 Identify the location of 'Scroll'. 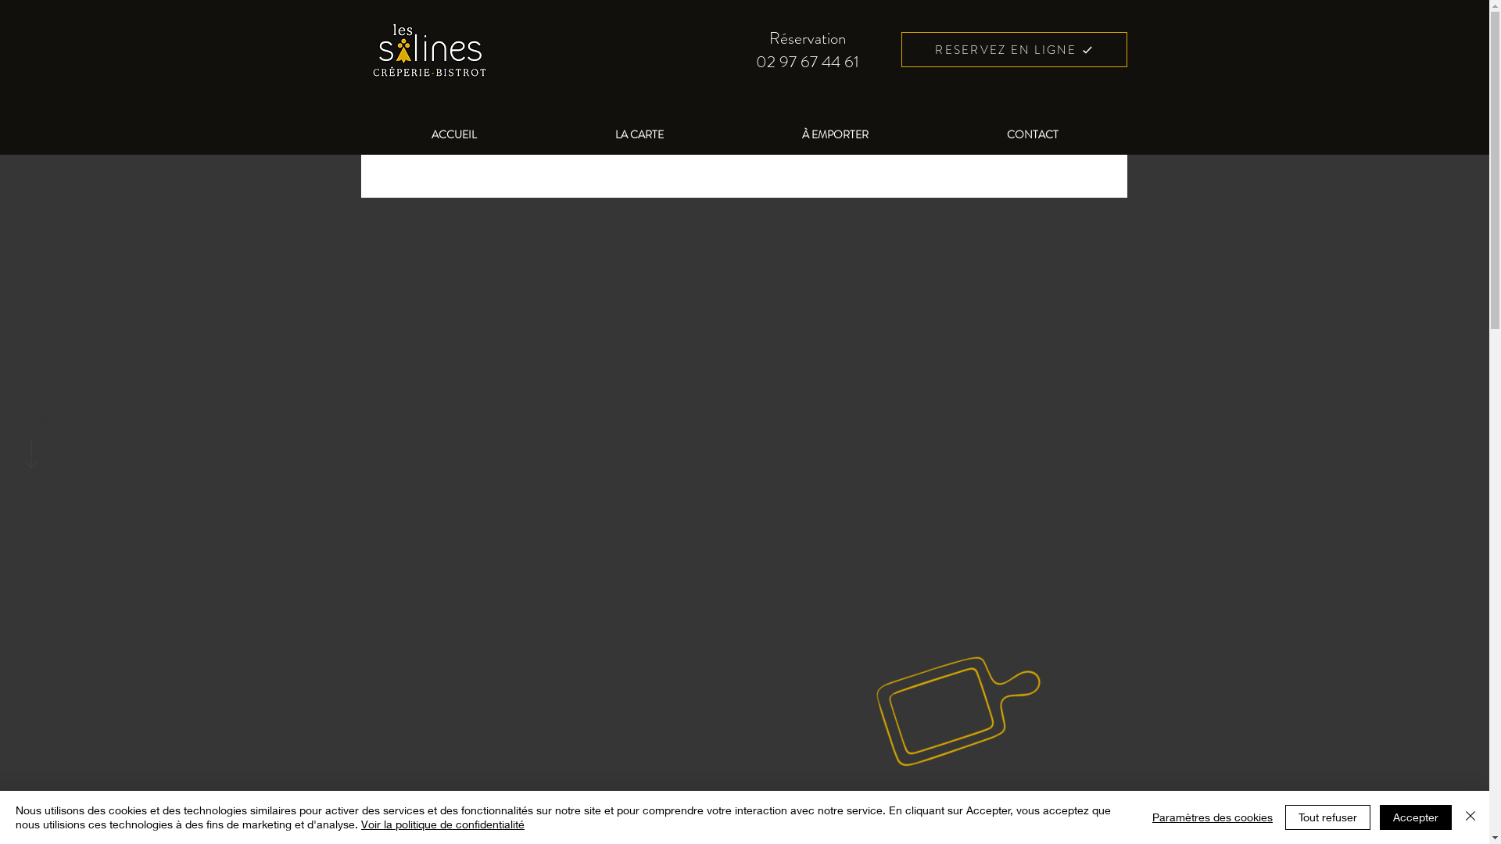
(30, 422).